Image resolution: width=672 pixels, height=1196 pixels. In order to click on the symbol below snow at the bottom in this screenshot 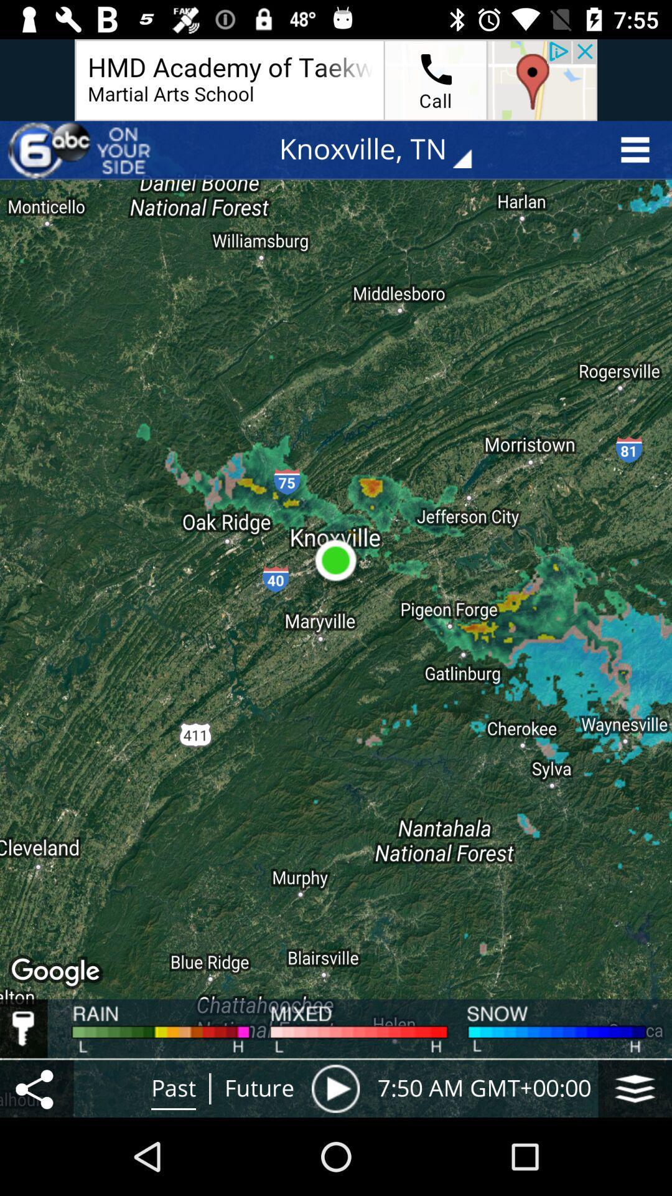, I will do `click(635, 1088)`.